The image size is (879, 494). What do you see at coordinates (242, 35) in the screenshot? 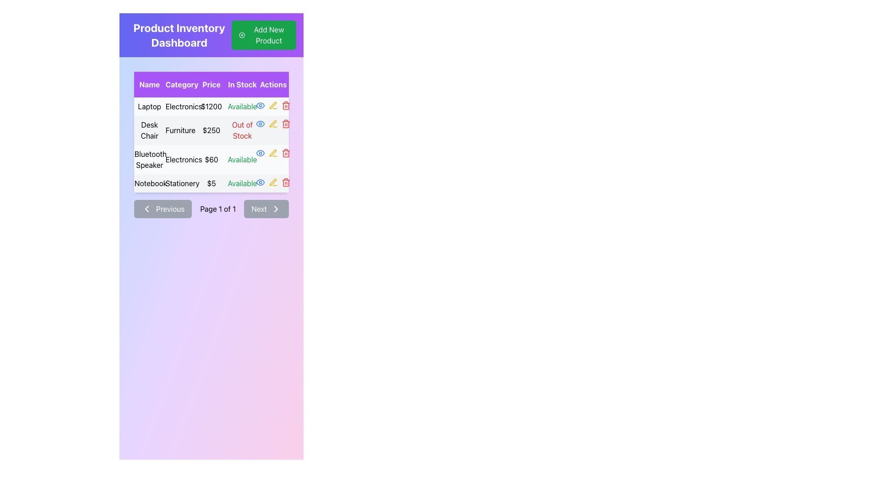
I see `the Circular SVG graphic that represents the 'Add New Product' button, located at the top-right section of the interface` at bounding box center [242, 35].